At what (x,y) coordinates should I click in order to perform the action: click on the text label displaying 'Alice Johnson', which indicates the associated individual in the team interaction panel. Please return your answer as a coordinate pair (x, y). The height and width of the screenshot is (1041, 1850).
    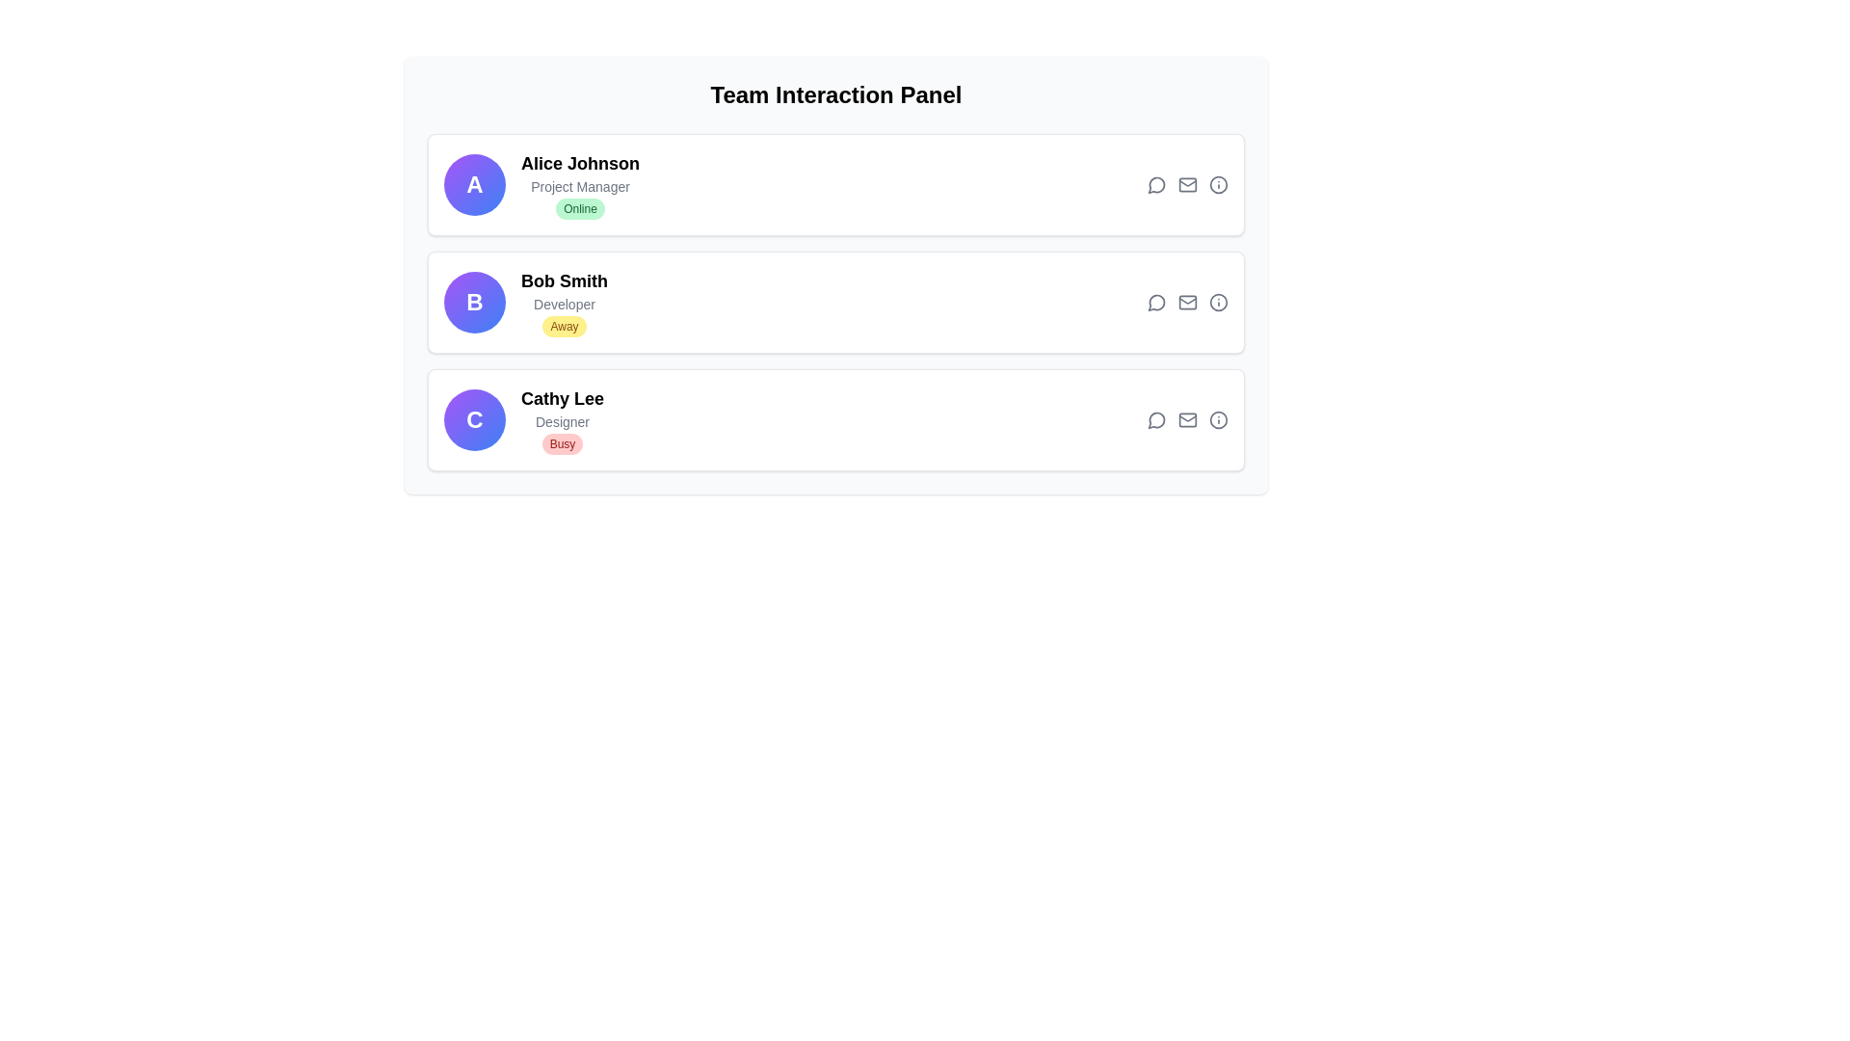
    Looking at the image, I should click on (579, 162).